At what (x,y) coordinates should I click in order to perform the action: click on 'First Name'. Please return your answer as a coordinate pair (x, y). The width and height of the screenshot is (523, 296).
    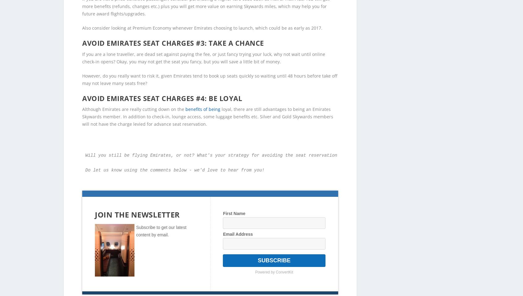
    Looking at the image, I should click on (234, 203).